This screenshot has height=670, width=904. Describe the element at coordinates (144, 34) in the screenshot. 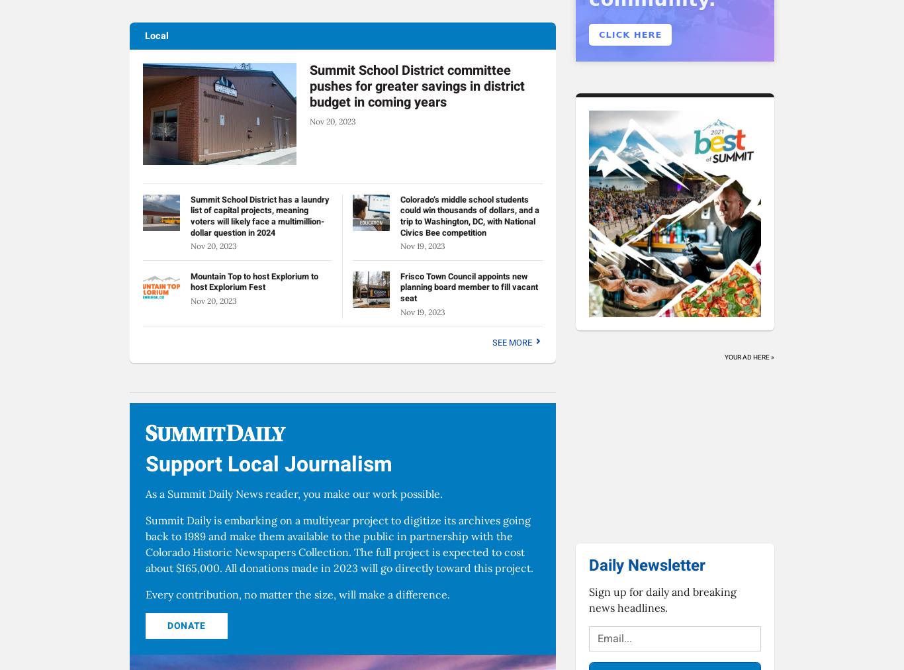

I see `'Local'` at that location.